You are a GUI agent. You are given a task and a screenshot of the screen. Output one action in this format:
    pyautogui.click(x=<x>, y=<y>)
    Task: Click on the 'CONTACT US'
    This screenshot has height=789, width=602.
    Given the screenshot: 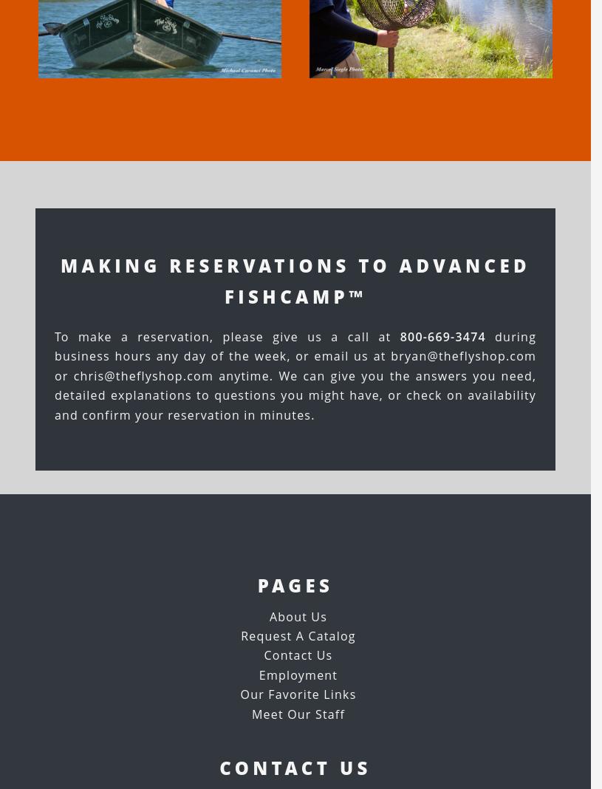 What is the action you would take?
    pyautogui.click(x=218, y=767)
    